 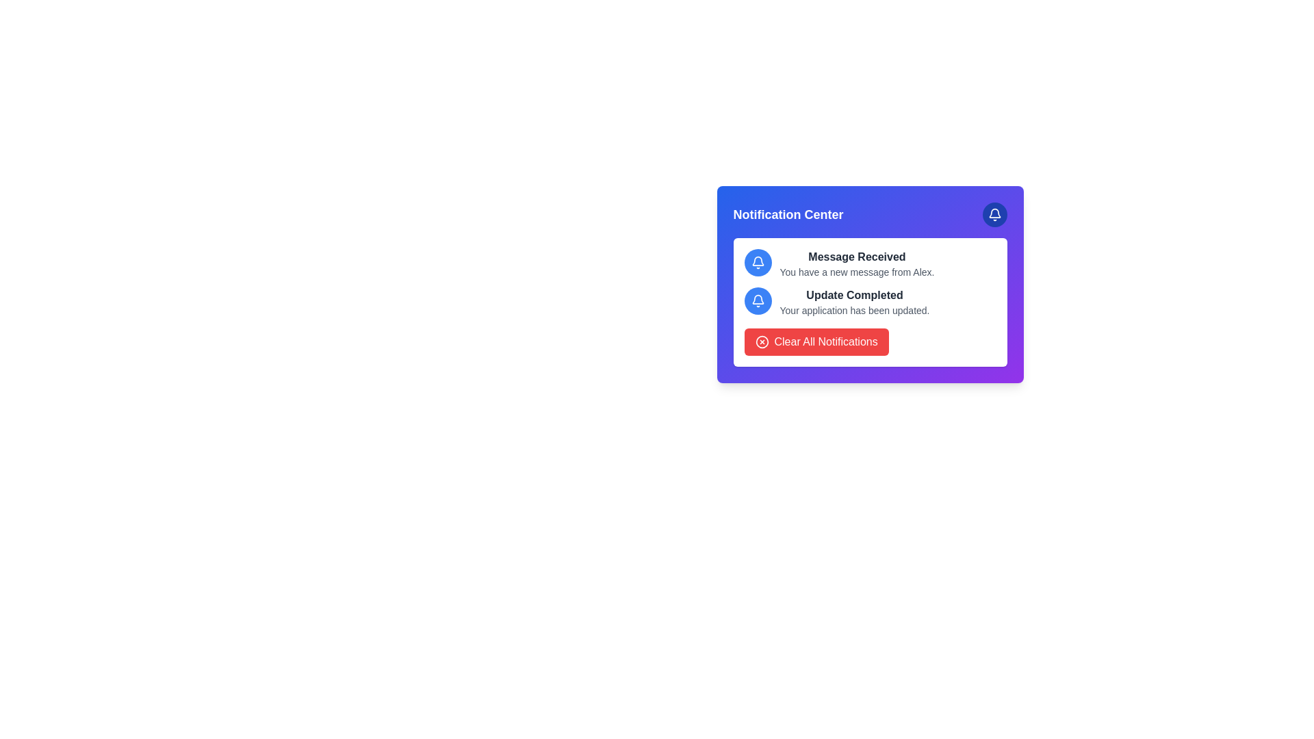 What do you see at coordinates (757, 300) in the screenshot?
I see `the circular blue notification indicator icon with a white outline of a bell, located in the second row of the notifications list, aligned to the left of the 'Update Completed' text` at bounding box center [757, 300].